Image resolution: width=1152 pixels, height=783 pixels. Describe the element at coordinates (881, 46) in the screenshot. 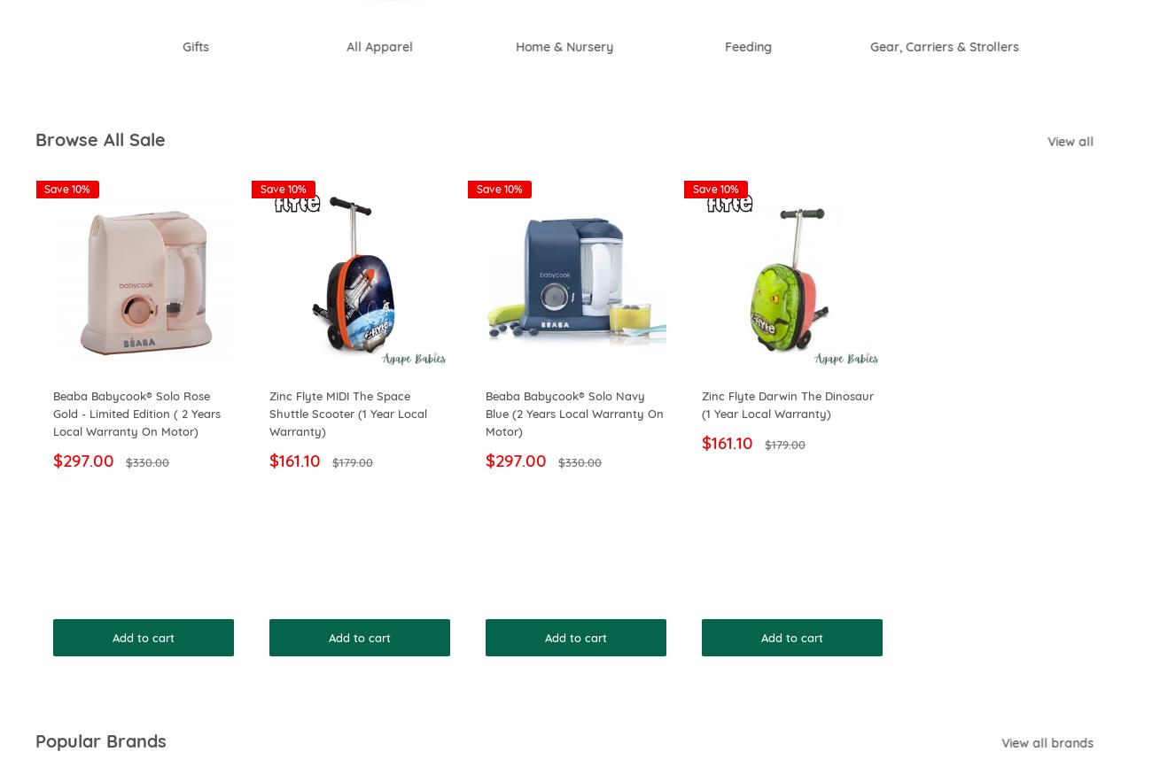

I see `'Gear, Carriers & Strollers'` at that location.